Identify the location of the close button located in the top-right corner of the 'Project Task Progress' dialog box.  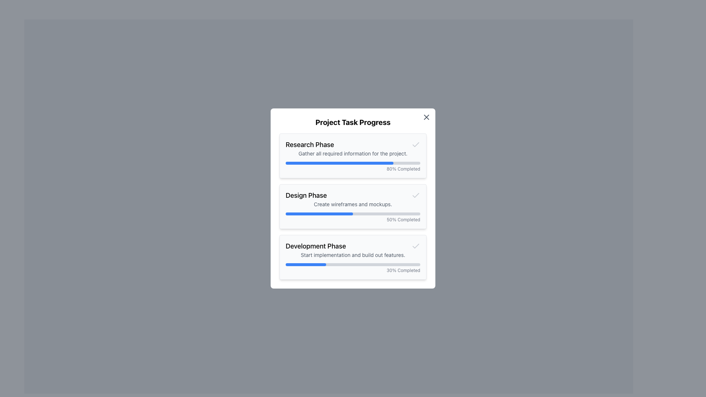
(427, 117).